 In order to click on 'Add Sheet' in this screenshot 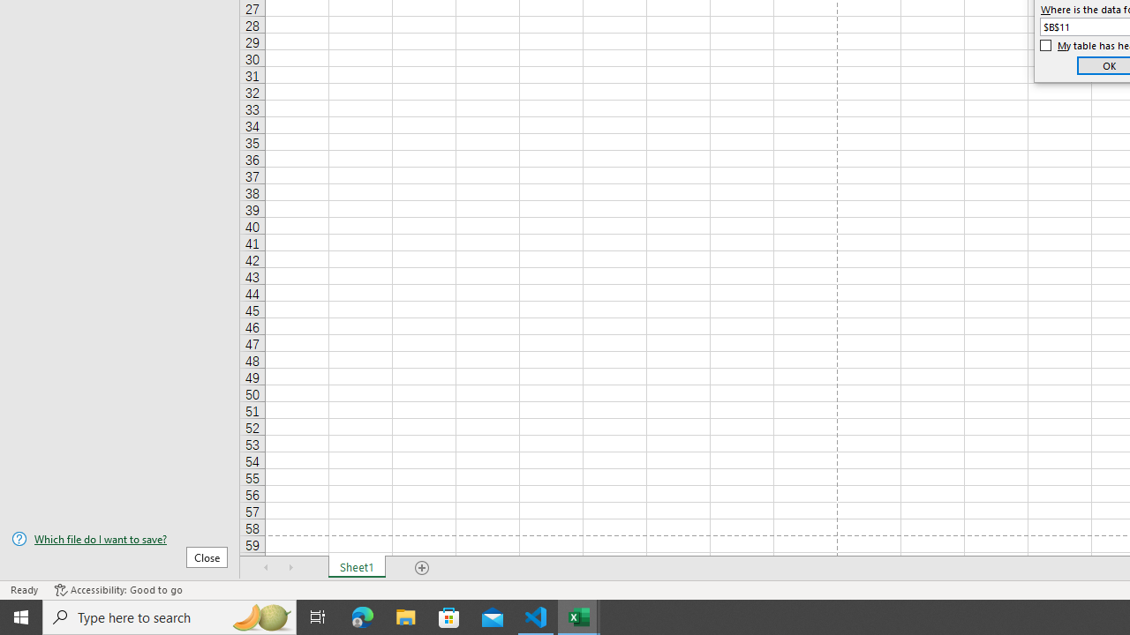, I will do `click(421, 568)`.